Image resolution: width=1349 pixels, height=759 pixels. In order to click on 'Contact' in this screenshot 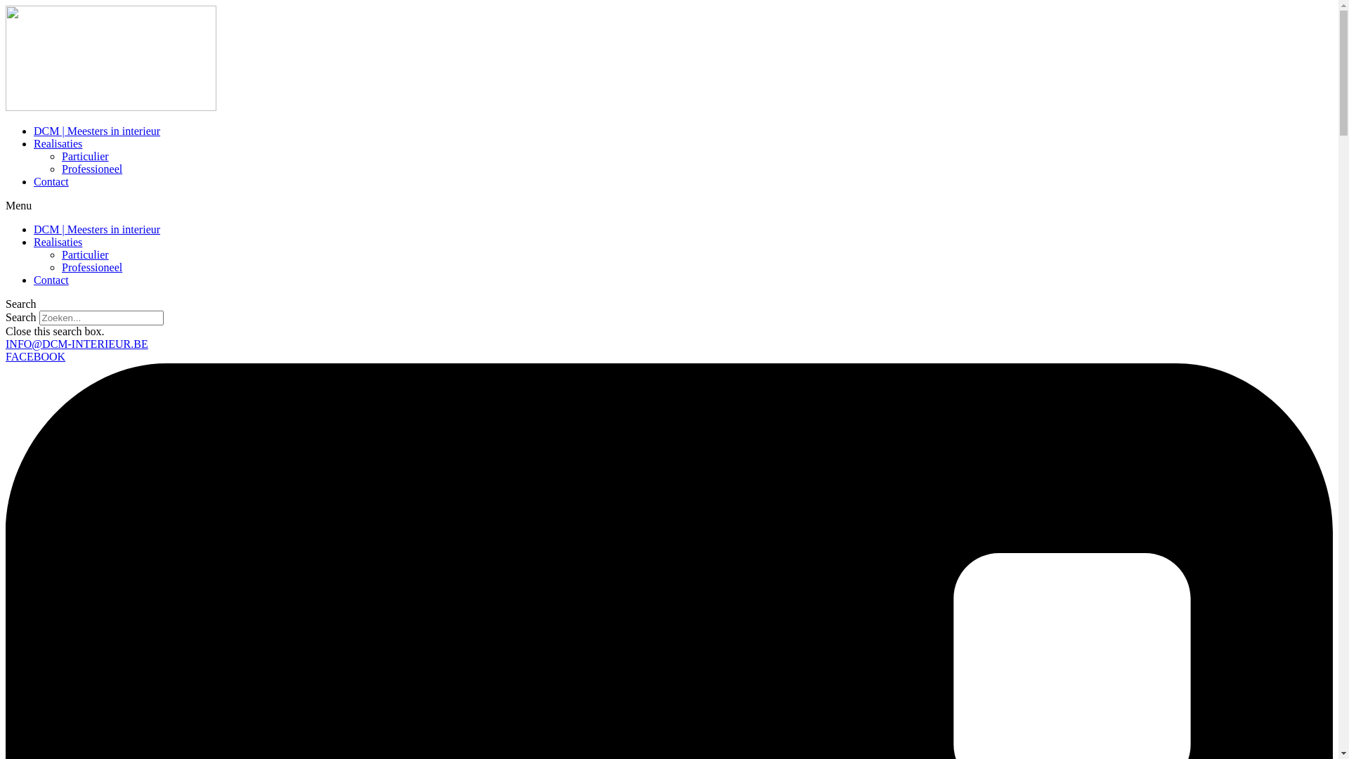, I will do `click(34, 280)`.